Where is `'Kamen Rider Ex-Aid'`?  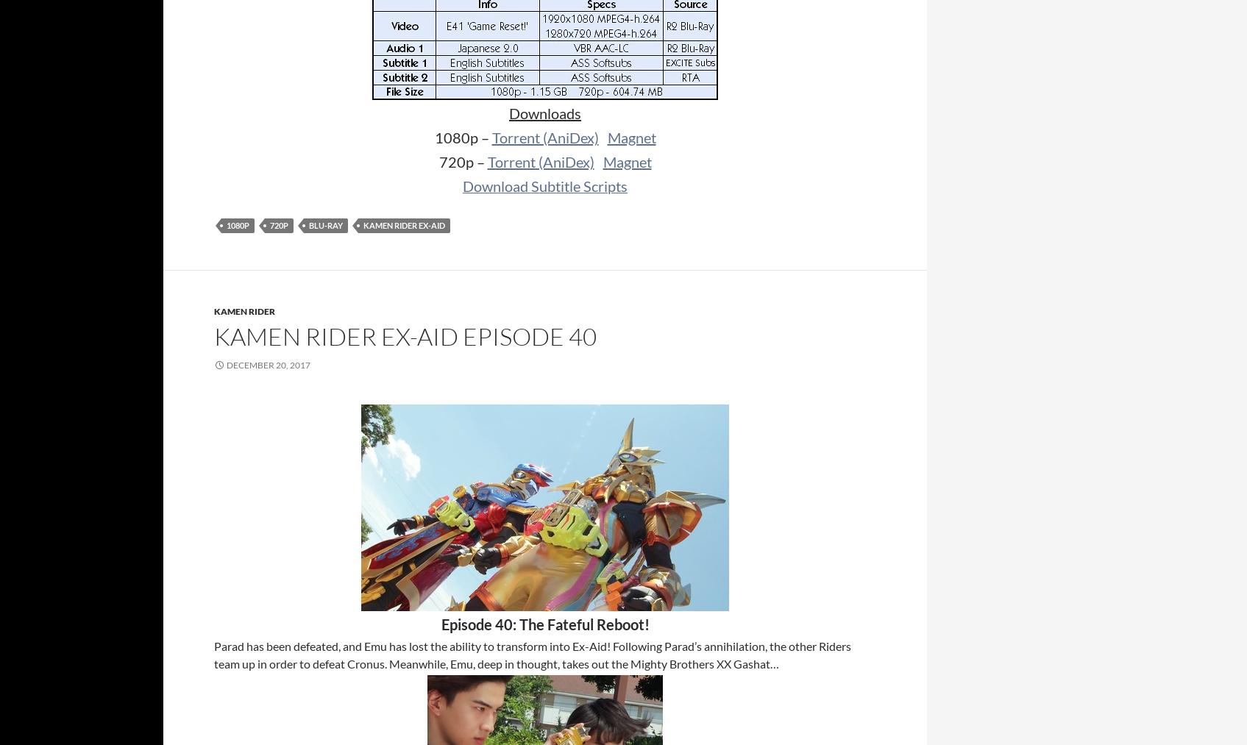
'Kamen Rider Ex-Aid' is located at coordinates (404, 225).